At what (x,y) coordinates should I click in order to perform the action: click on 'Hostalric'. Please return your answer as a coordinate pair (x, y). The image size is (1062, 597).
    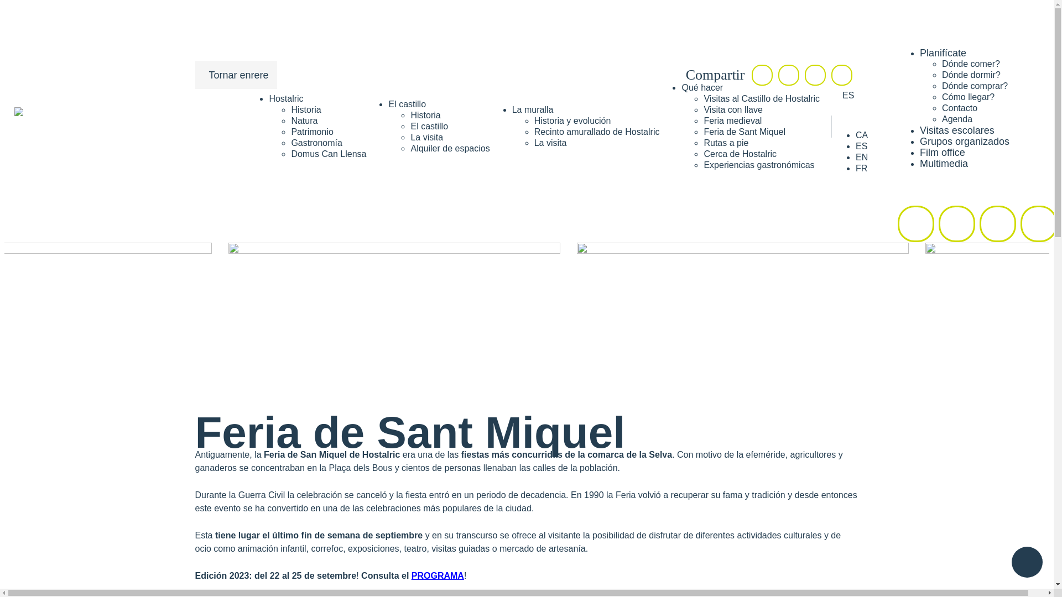
    Looking at the image, I should click on (268, 98).